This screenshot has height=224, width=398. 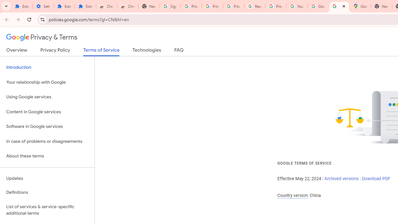 I want to click on 'Introduction', so click(x=47, y=68).